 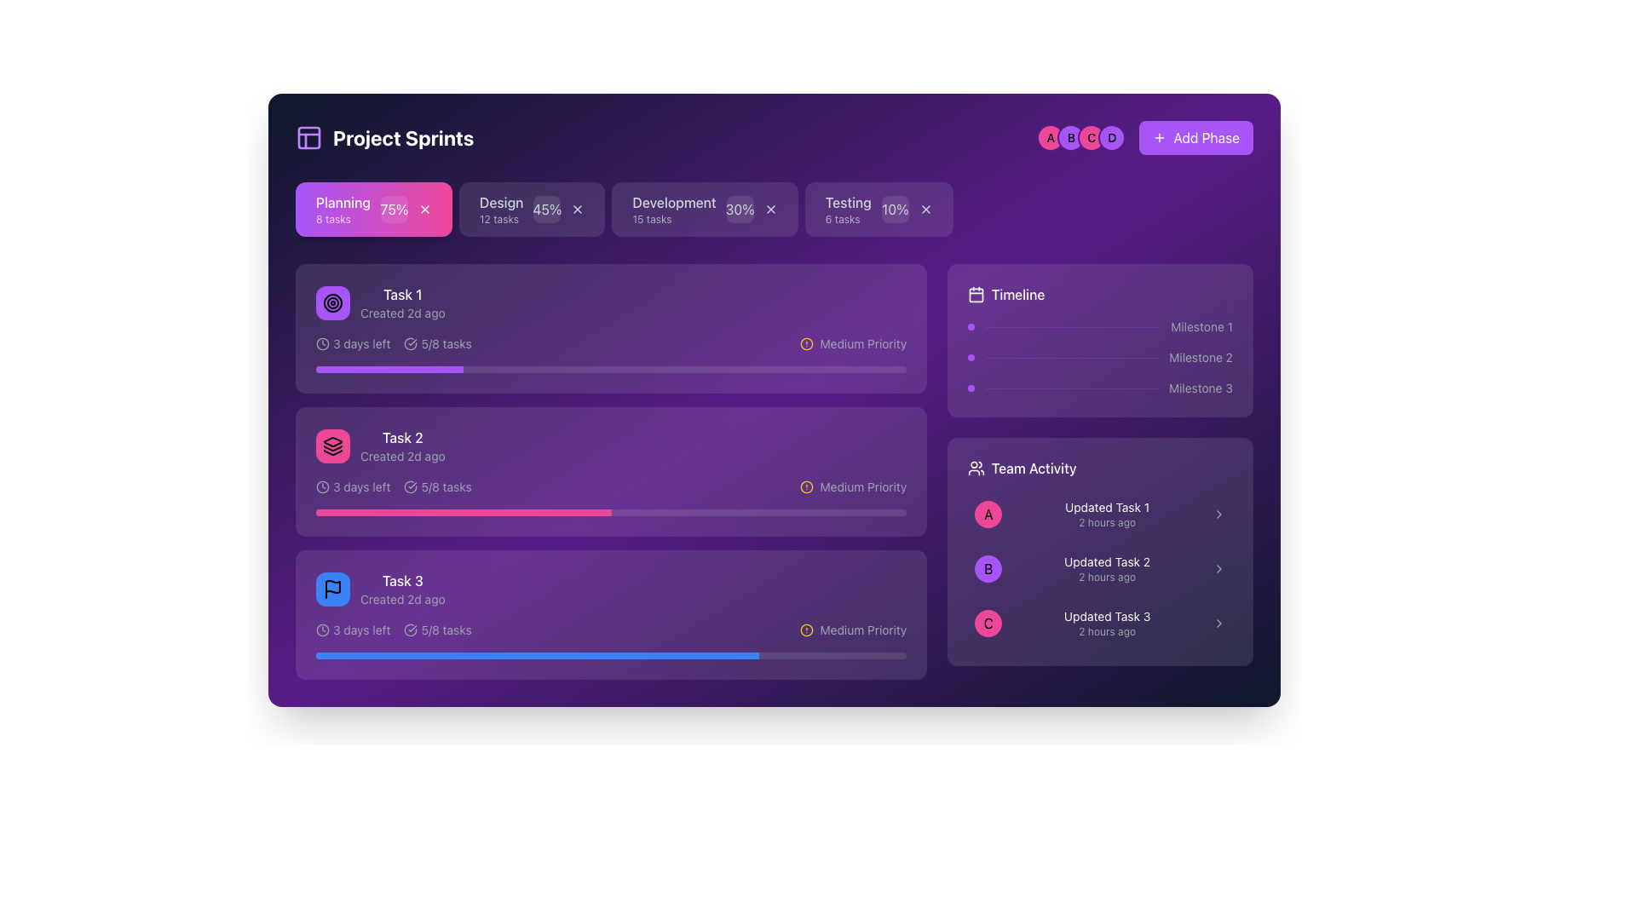 What do you see at coordinates (1159, 137) in the screenshot?
I see `the 'Add Phase' icon located to the left of the text` at bounding box center [1159, 137].